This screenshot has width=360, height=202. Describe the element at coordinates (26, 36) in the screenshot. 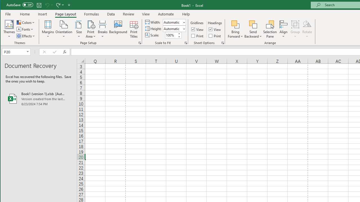

I see `'Effects'` at that location.